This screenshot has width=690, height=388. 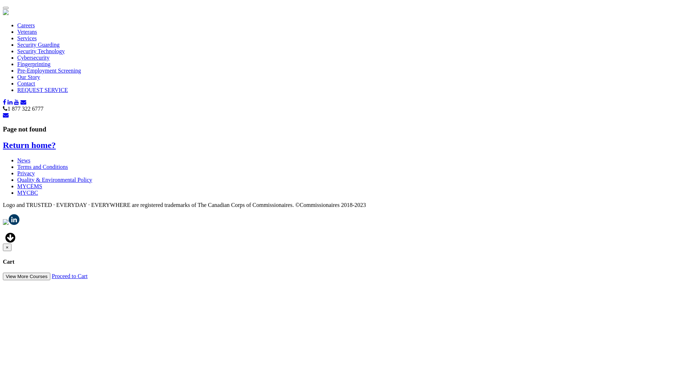 I want to click on 'Proceed to Cart', so click(x=69, y=276).